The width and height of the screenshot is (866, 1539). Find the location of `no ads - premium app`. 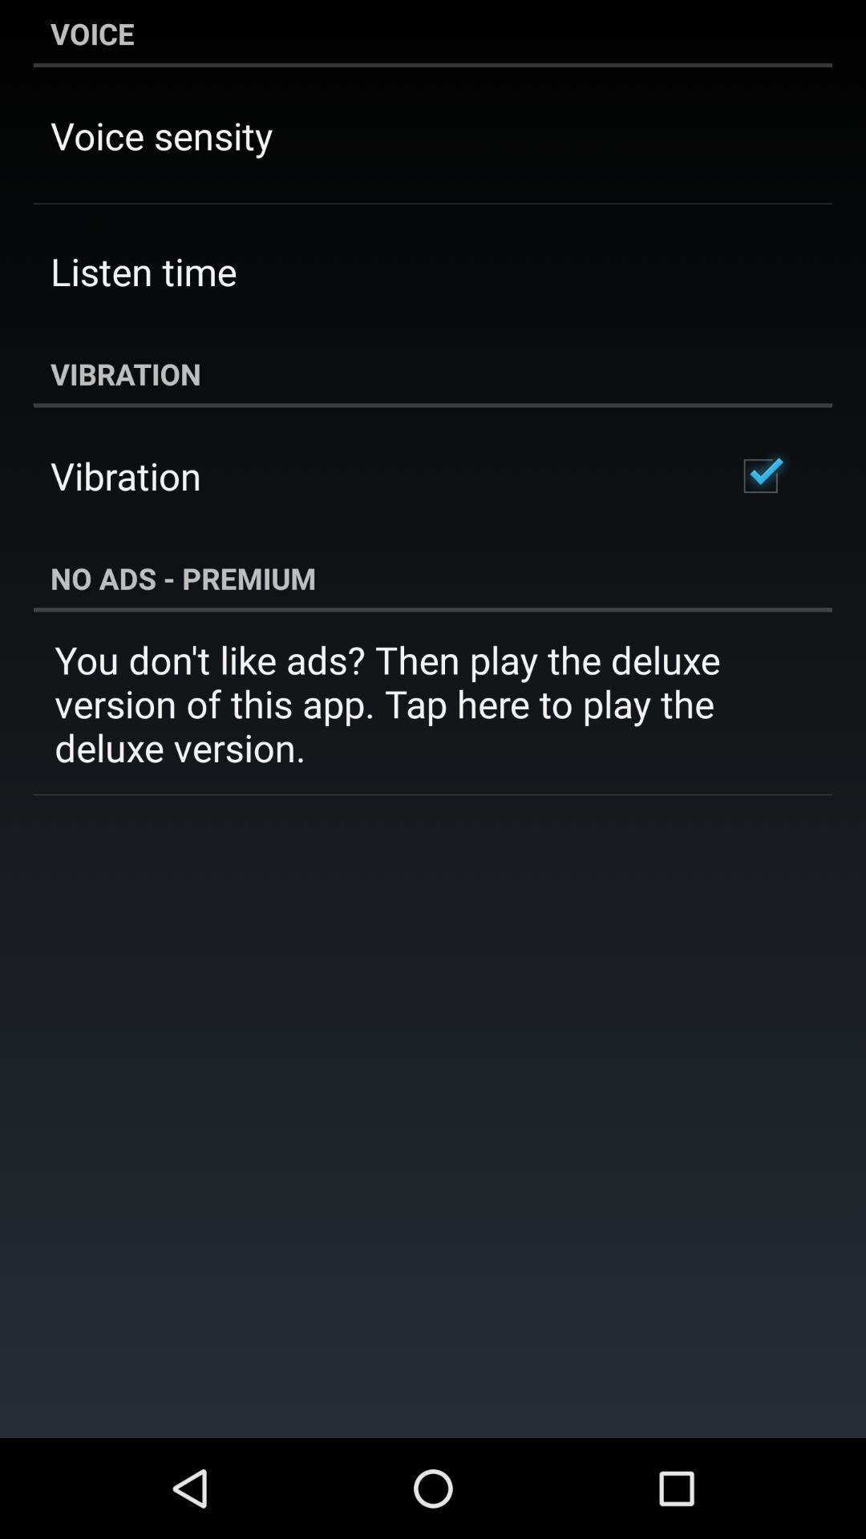

no ads - premium app is located at coordinates (433, 577).